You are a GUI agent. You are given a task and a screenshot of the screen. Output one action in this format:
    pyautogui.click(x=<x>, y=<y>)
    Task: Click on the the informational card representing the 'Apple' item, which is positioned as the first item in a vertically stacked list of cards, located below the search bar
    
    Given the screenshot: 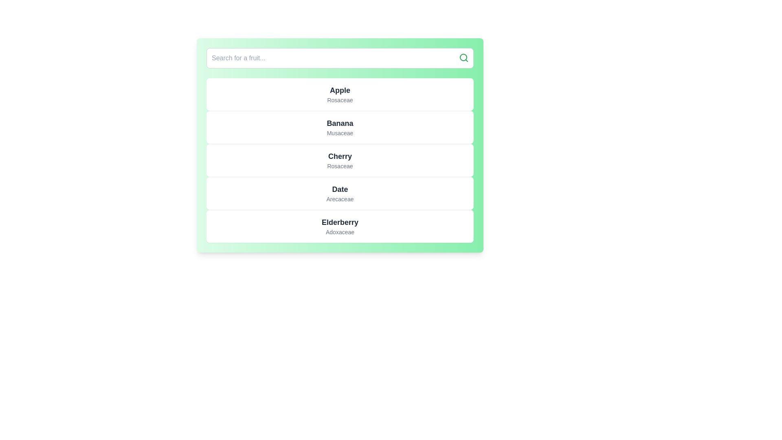 What is the action you would take?
    pyautogui.click(x=340, y=94)
    